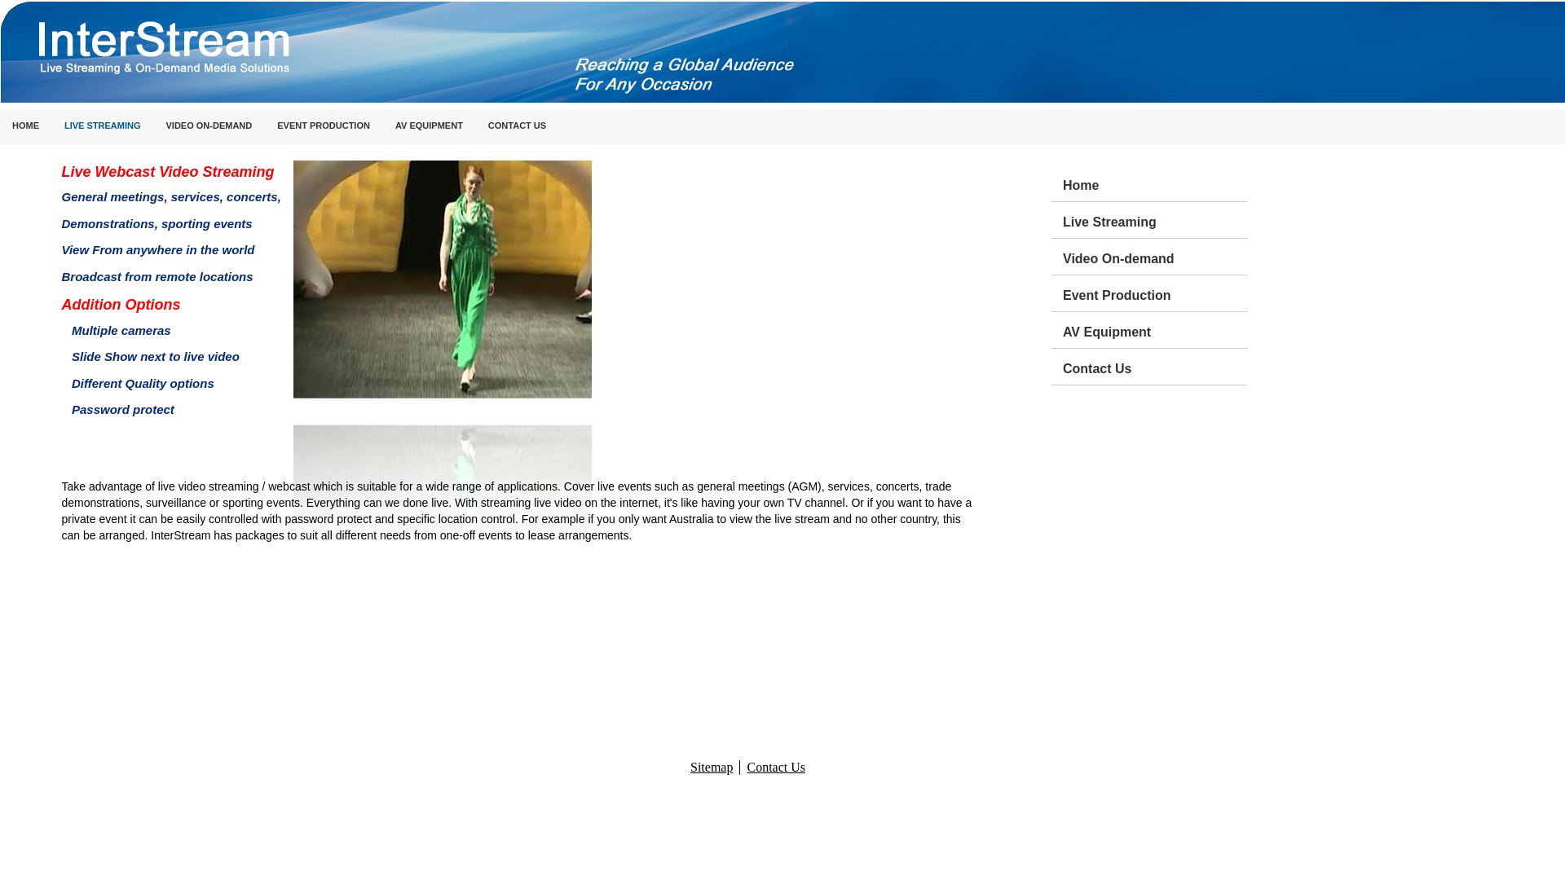 This screenshot has height=880, width=1565. Describe the element at coordinates (382, 125) in the screenshot. I see `'AV EQUIPMENT'` at that location.